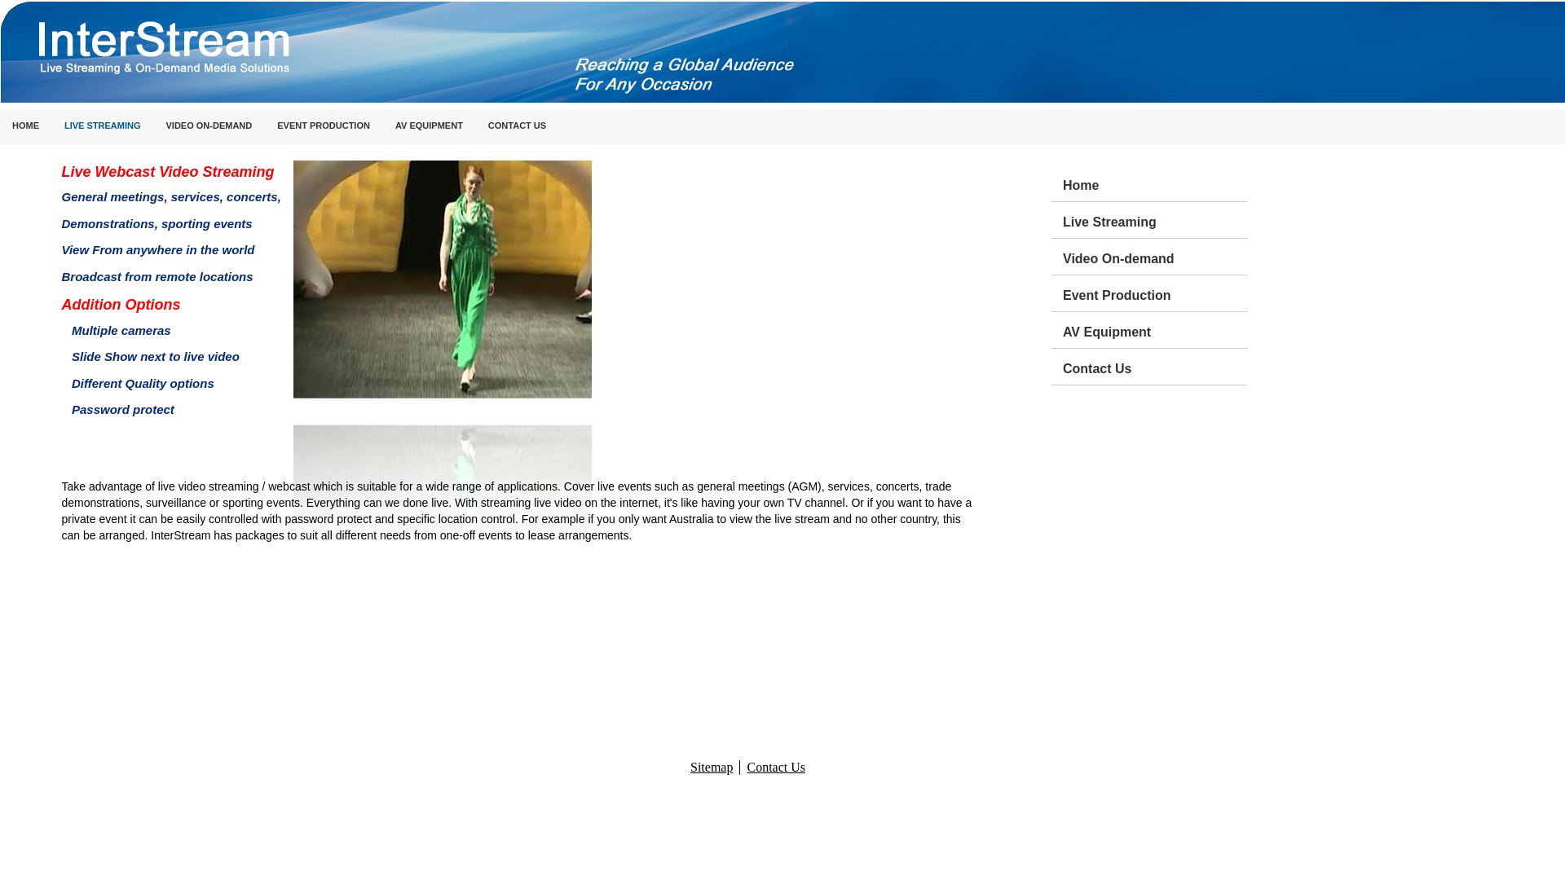 This screenshot has height=880, width=1565. Describe the element at coordinates (382, 125) in the screenshot. I see `'AV EQUIPMENT'` at that location.